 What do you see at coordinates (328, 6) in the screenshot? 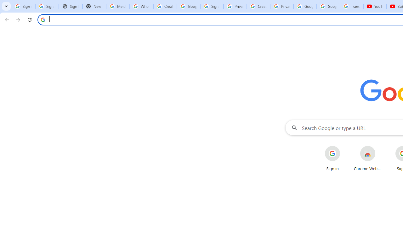
I see `'Google Account'` at bounding box center [328, 6].